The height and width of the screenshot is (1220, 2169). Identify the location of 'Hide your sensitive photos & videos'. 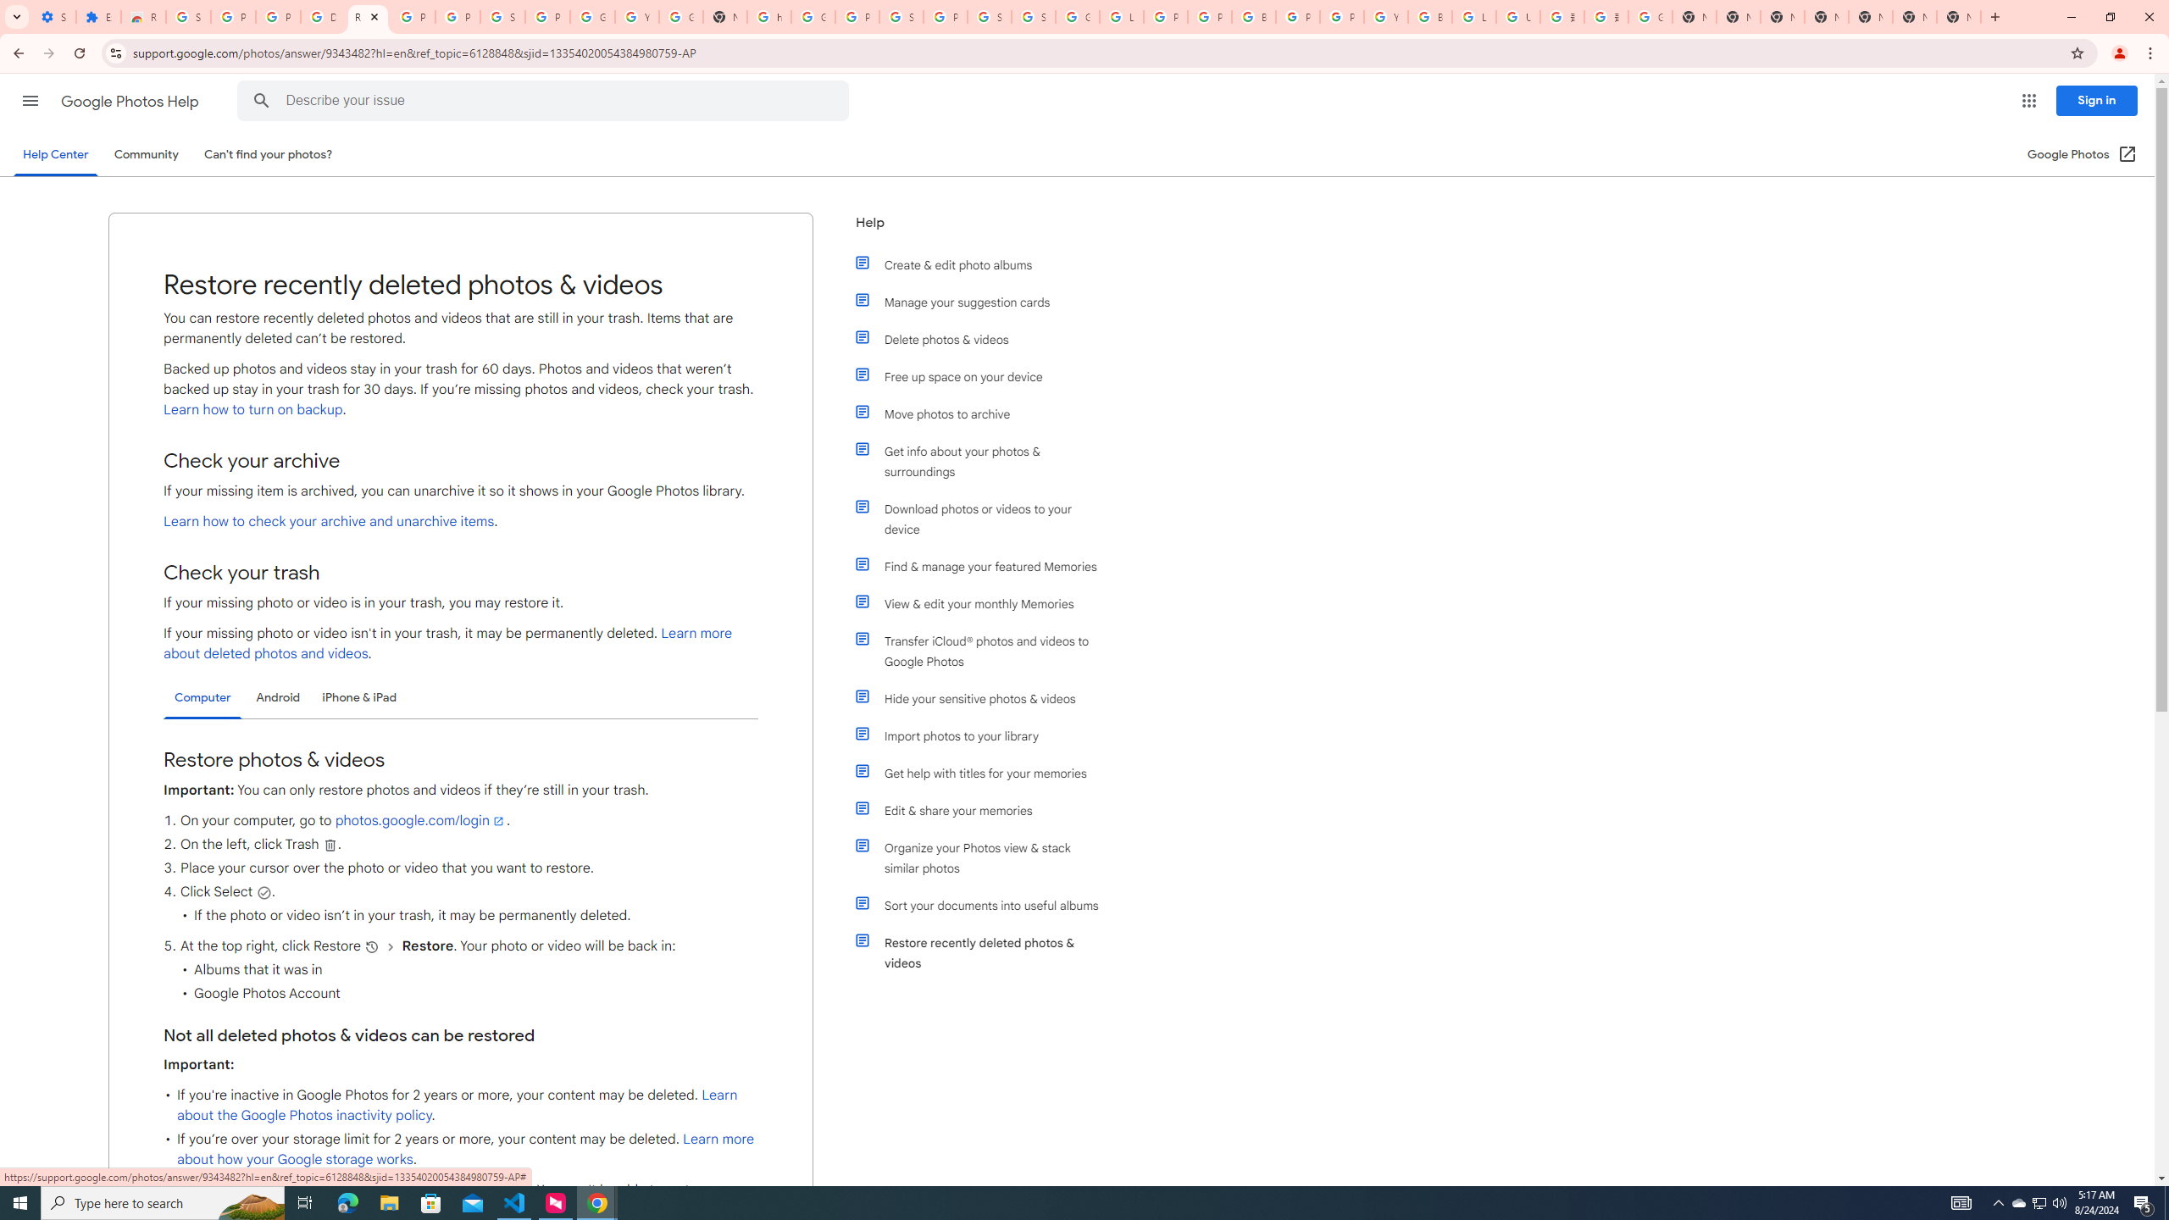
(985, 698).